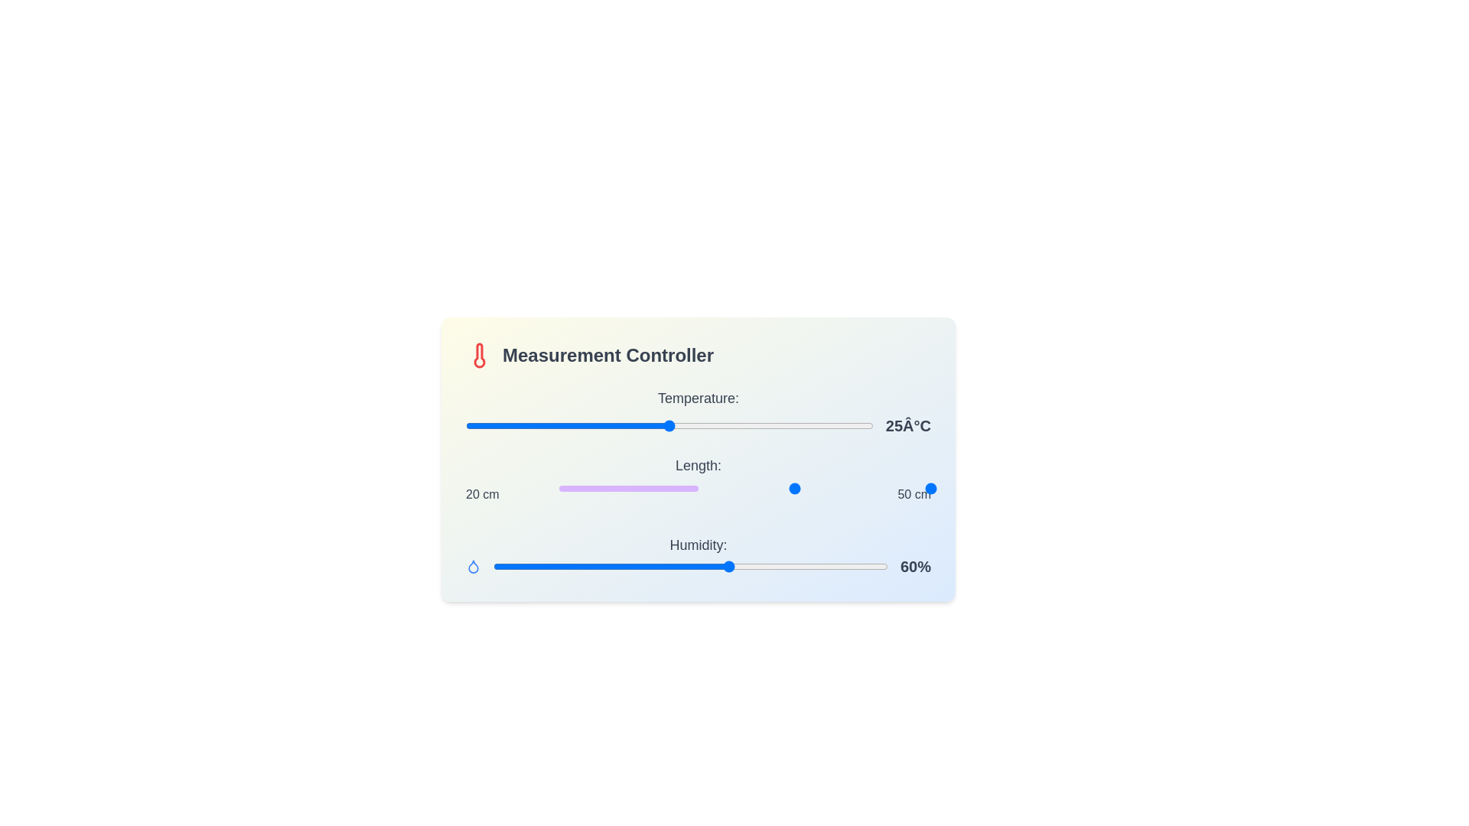  What do you see at coordinates (848, 425) in the screenshot?
I see `the slider` at bounding box center [848, 425].